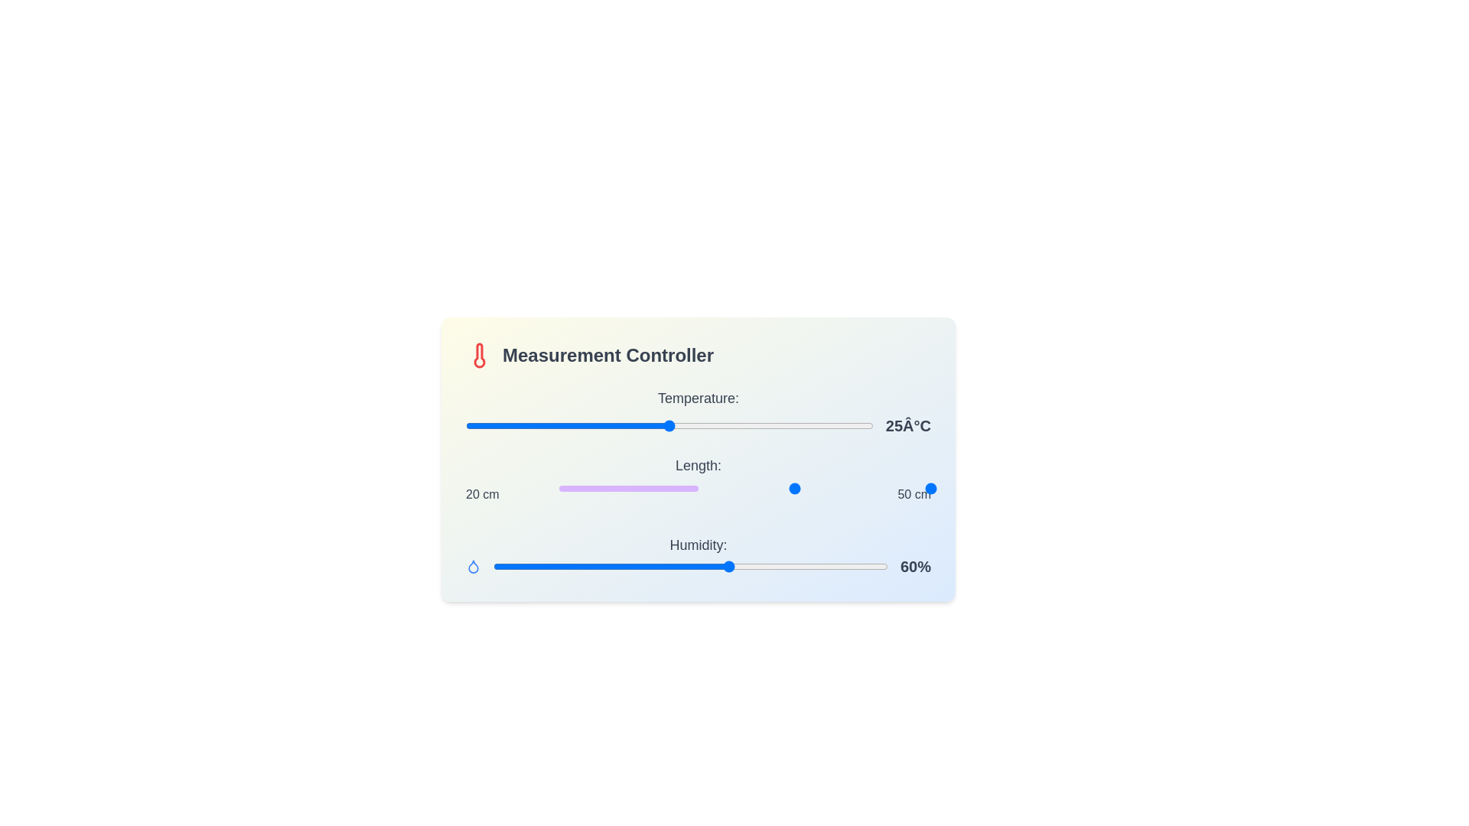  What do you see at coordinates (848, 425) in the screenshot?
I see `the slider` at bounding box center [848, 425].